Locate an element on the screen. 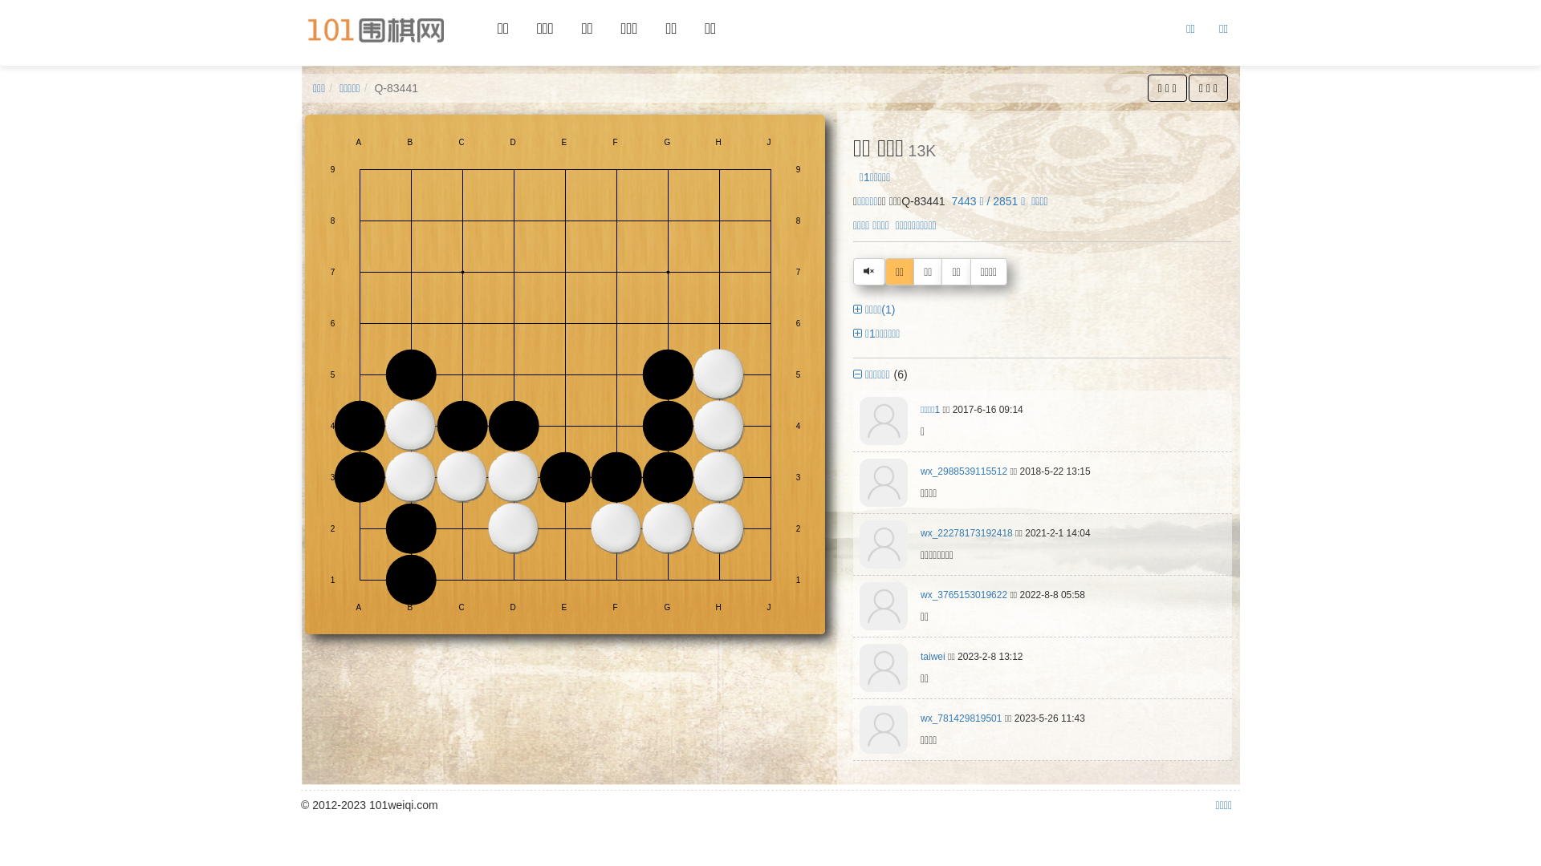 This screenshot has height=866, width=1541. 'wx_781429819501' is located at coordinates (961, 717).